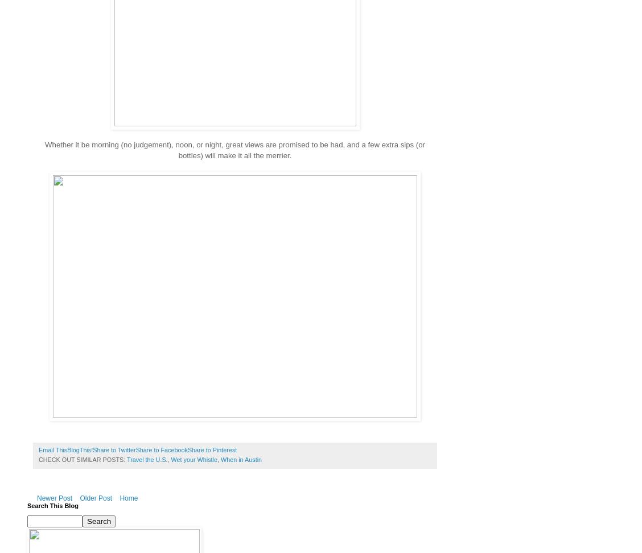  I want to click on 'Email This', so click(52, 449).